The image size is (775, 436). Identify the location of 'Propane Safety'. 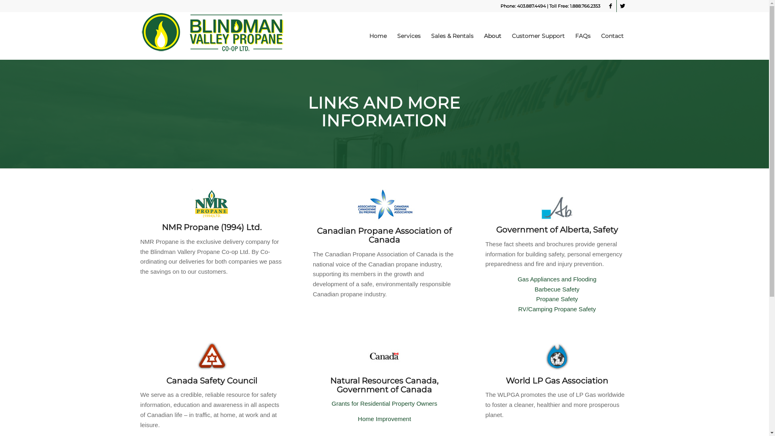
(556, 299).